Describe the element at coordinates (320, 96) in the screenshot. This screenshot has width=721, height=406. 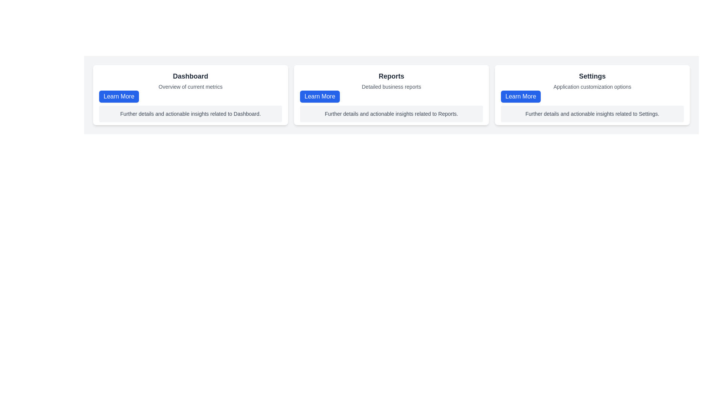
I see `the 'Learn More' button, which is a vivid blue rectangular button with rounded corners located at the bottom left corner of the 'Reports' card` at that location.